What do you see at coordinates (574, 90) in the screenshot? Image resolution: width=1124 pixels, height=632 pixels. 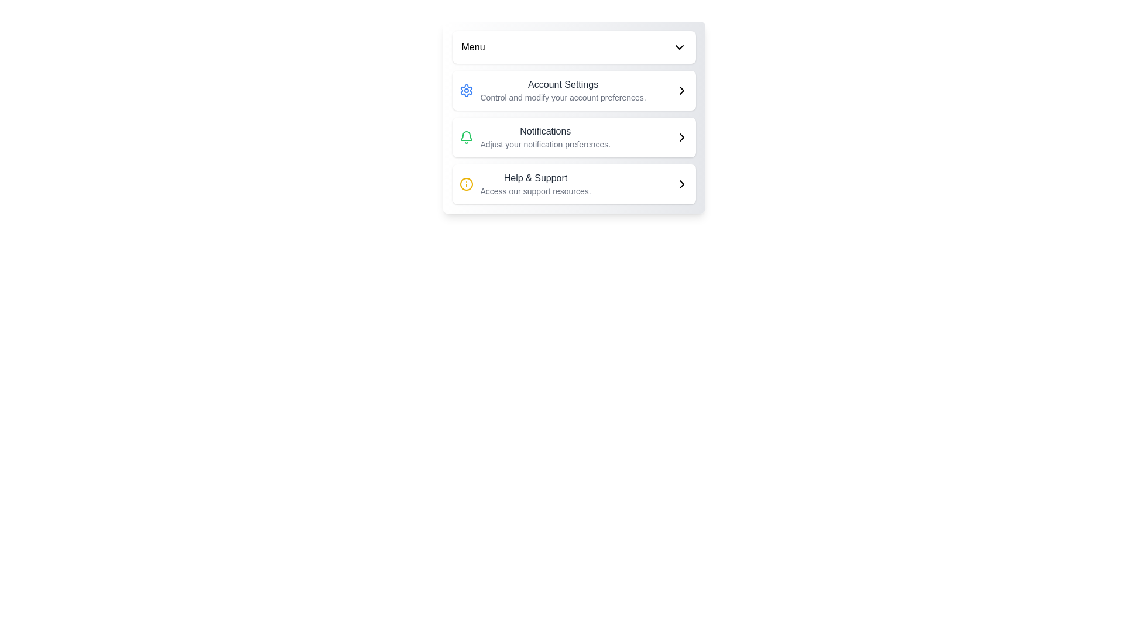 I see `the 'Account Settings' button, which features a blue settings cog icon and a right-pointing chevron arrow icon` at bounding box center [574, 90].